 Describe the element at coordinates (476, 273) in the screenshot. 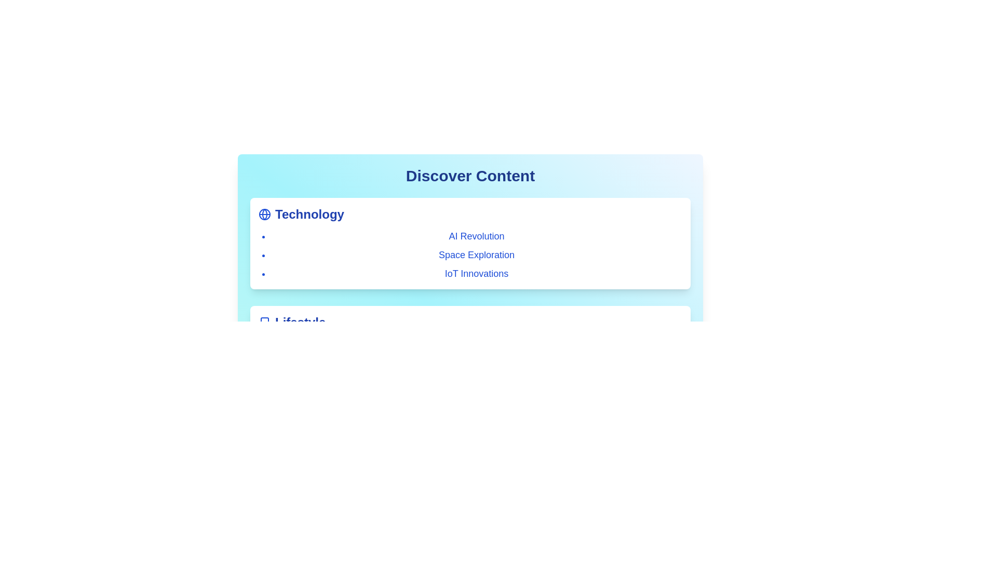

I see `the category or item IoT Innovations to view its hover effect` at that location.